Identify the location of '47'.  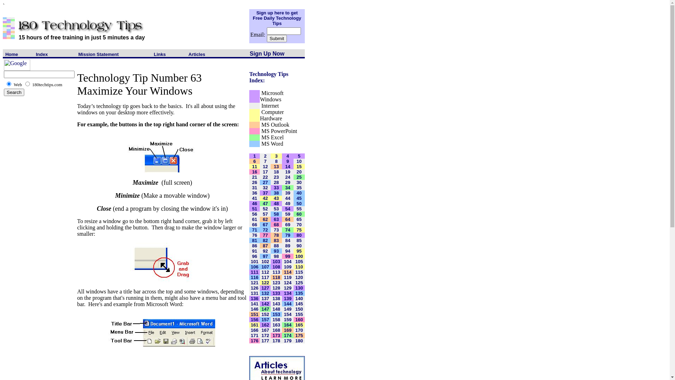
(264, 203).